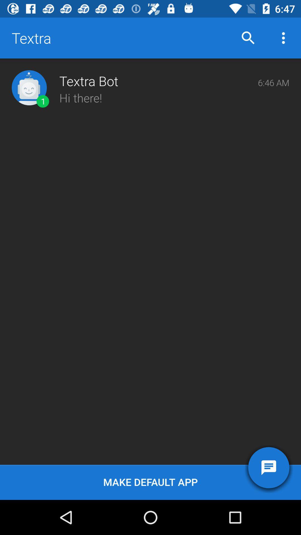 This screenshot has height=535, width=301. I want to click on the search icon, so click(248, 38).